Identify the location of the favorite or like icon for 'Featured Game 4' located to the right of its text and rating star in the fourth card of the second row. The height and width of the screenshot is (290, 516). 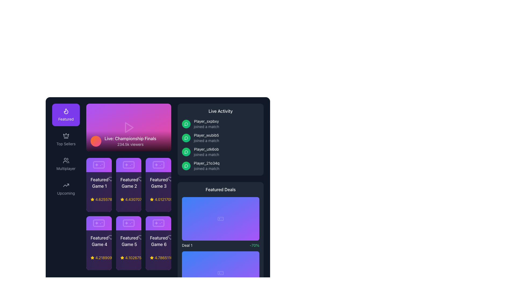
(111, 237).